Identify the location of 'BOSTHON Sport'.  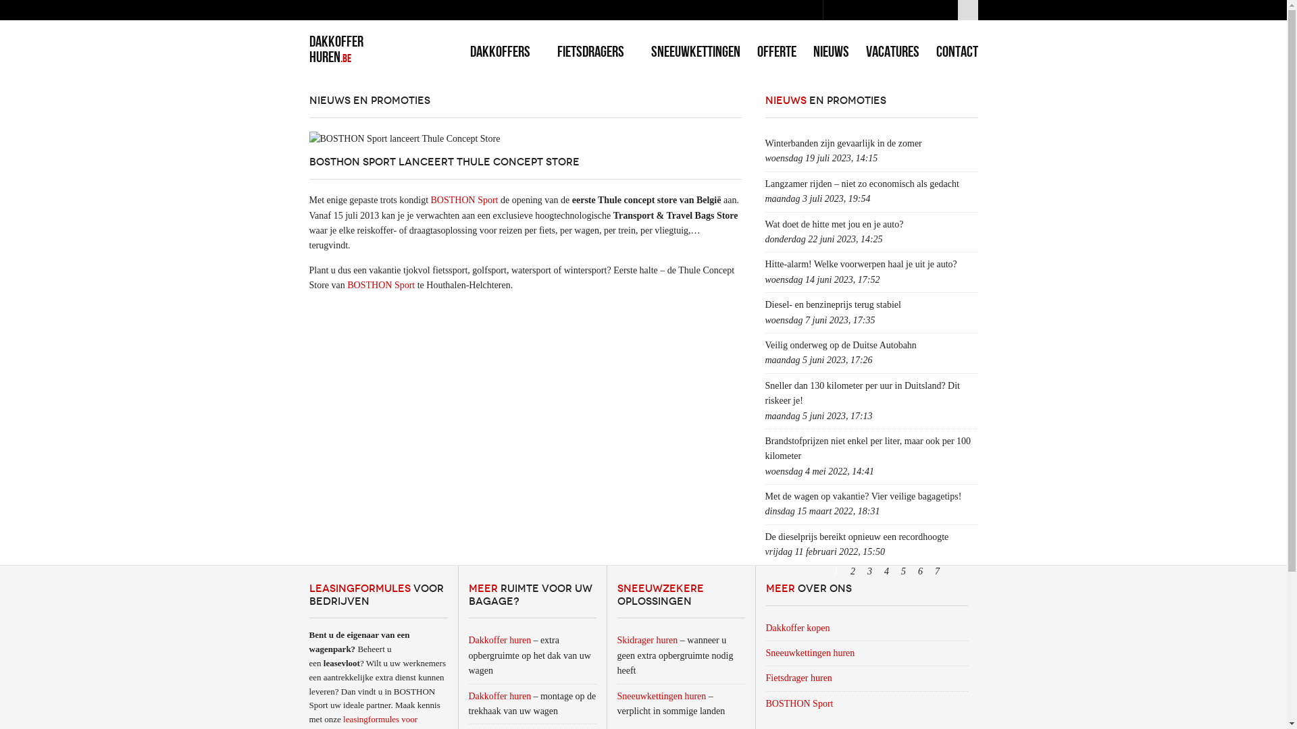
(804, 703).